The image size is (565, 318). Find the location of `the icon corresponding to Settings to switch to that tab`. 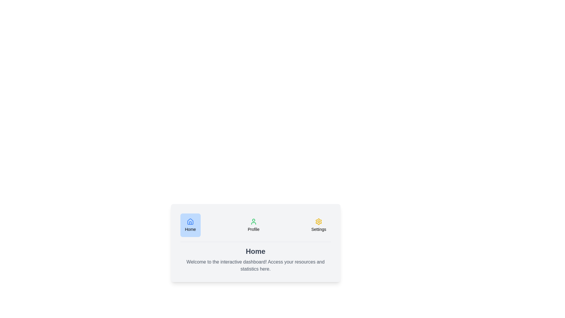

the icon corresponding to Settings to switch to that tab is located at coordinates (318, 225).